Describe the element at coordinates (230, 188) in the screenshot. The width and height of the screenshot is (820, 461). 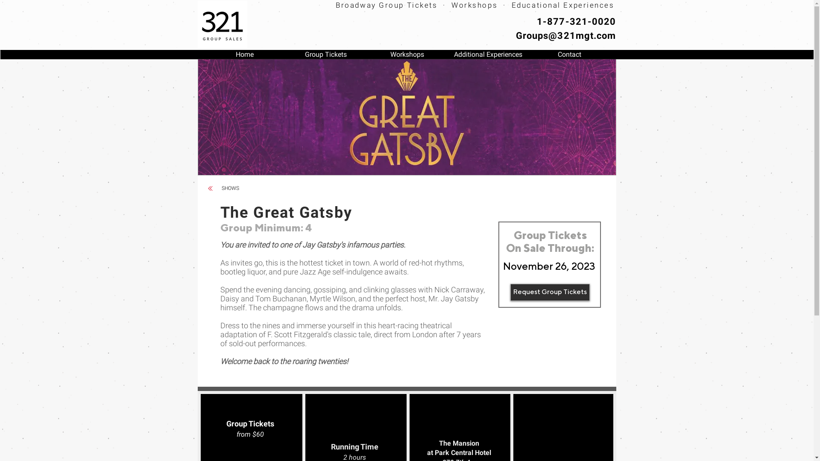
I see `'SHOWS'` at that location.